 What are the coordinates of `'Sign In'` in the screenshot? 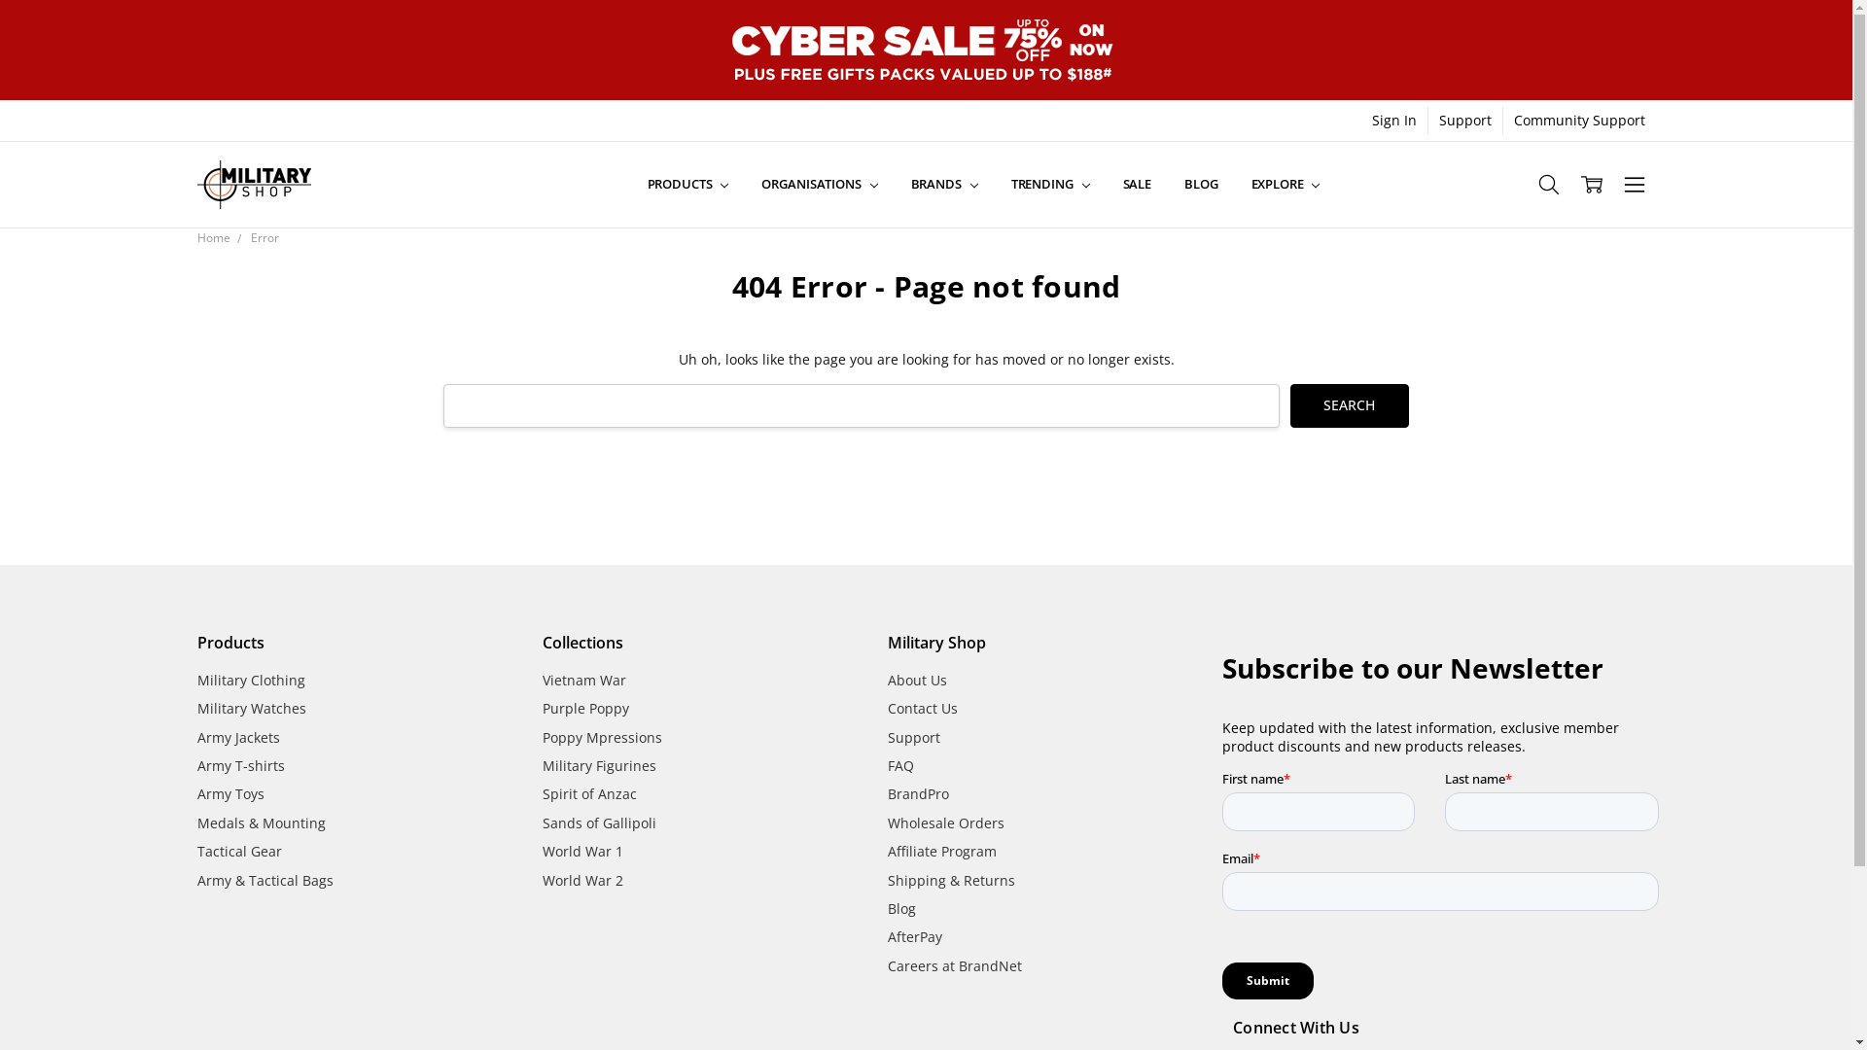 It's located at (1393, 120).